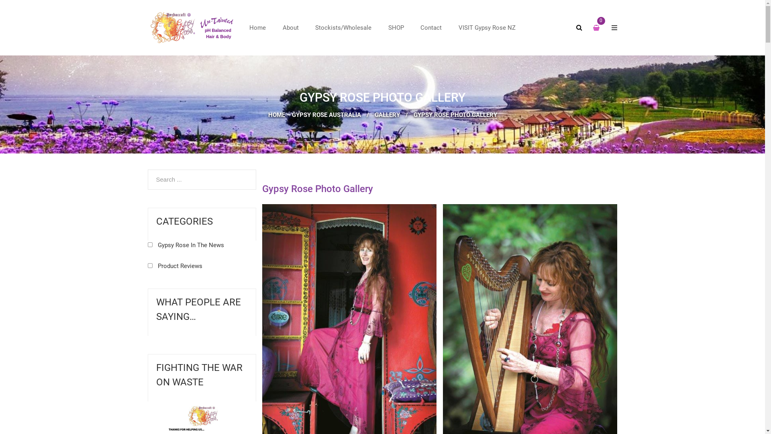 This screenshot has height=434, width=771. What do you see at coordinates (601, 28) in the screenshot?
I see `'0'` at bounding box center [601, 28].